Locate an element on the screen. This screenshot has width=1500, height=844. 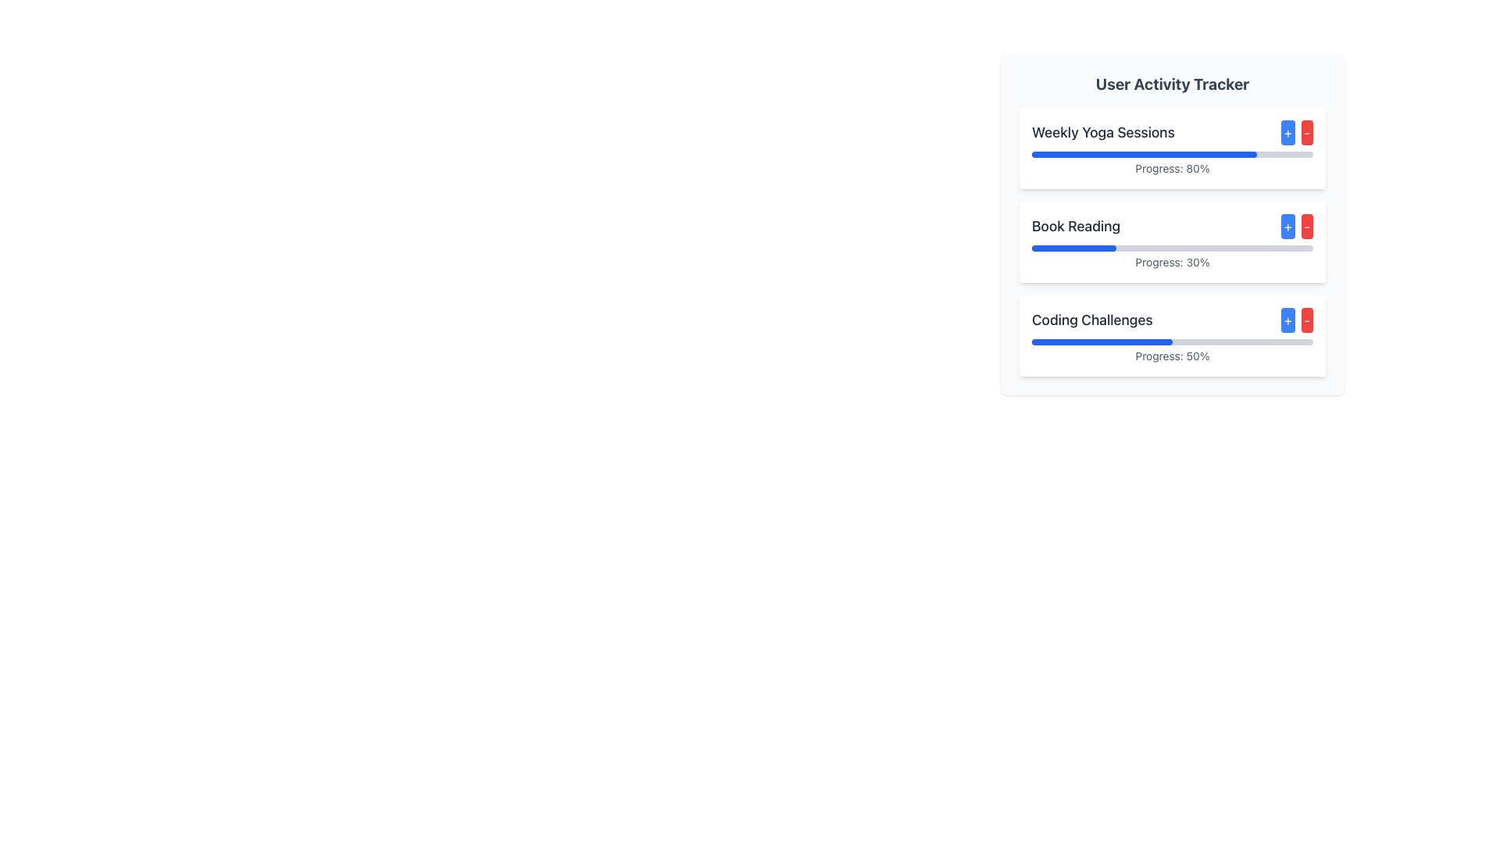
the horizontal progress bar representing 80% completion located below the 'Weekly Yoga Sessions' title and above the text 'Progress: 80%' is located at coordinates (1173, 154).